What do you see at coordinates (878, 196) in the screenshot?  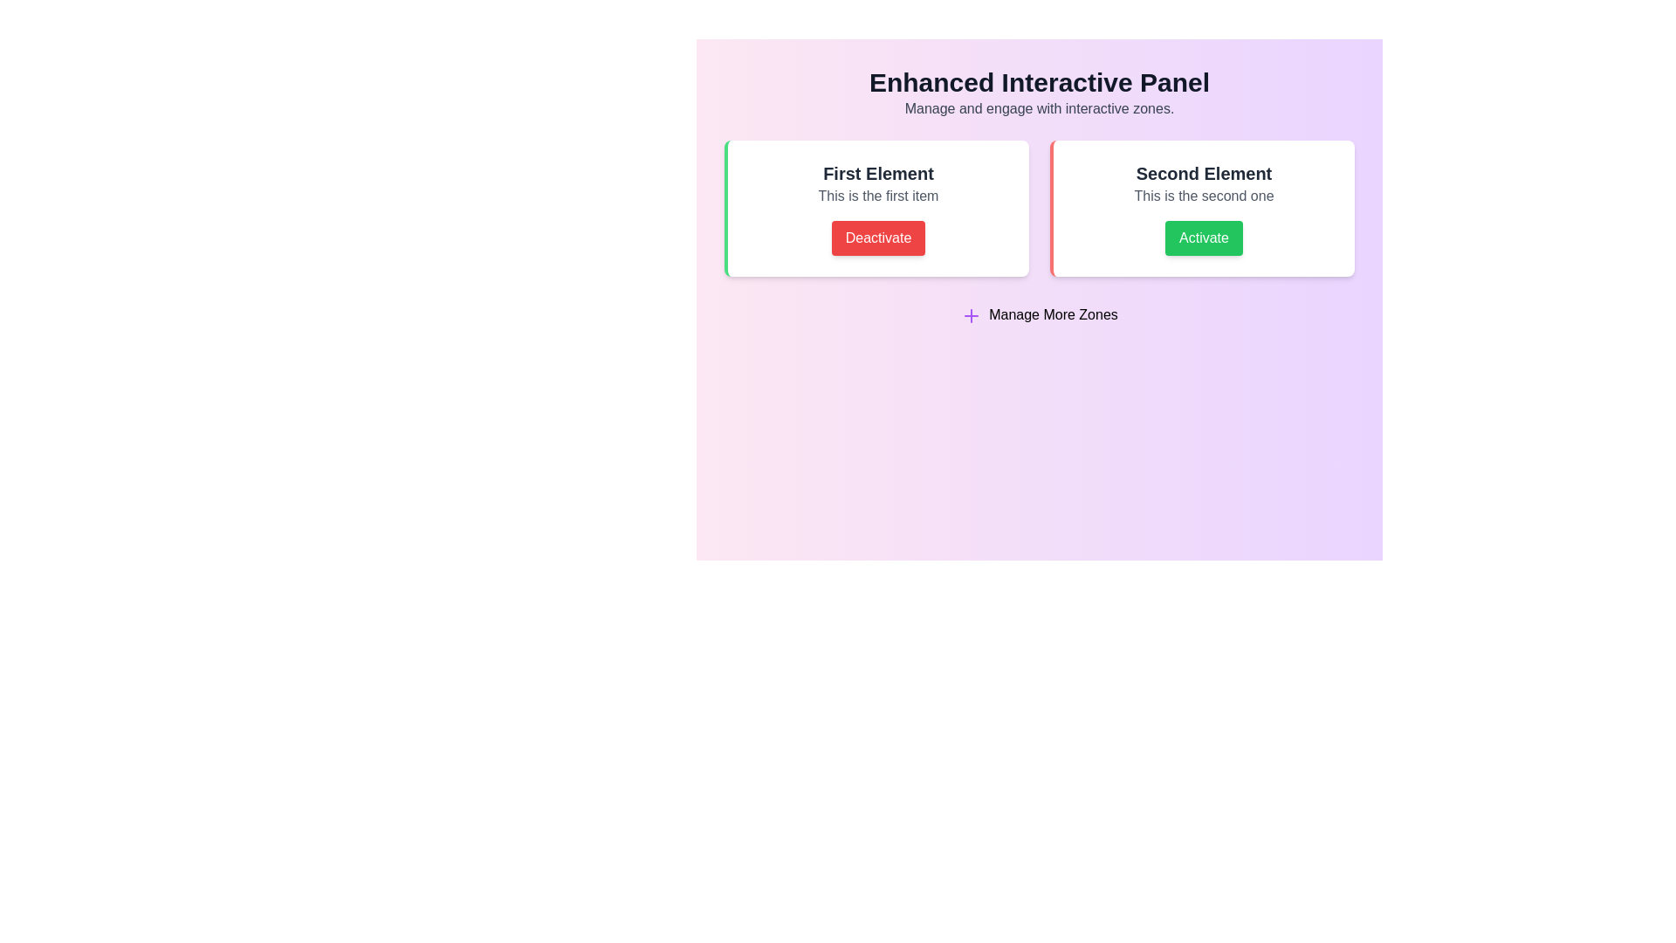 I see `the text element displaying 'This is the first item', which is located below the bold title 'First Element' and above the red 'Deactivate' button` at bounding box center [878, 196].